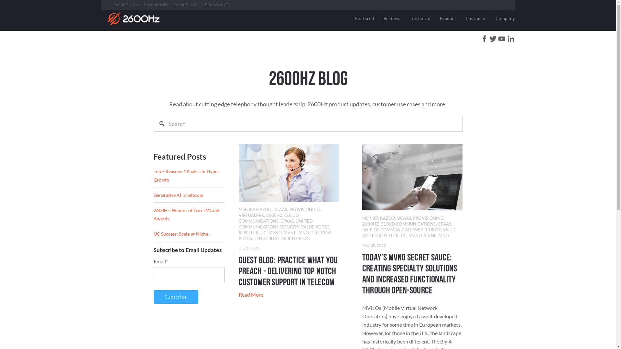  What do you see at coordinates (366, 218) in the screenshot?
I see `'MSP'` at bounding box center [366, 218].